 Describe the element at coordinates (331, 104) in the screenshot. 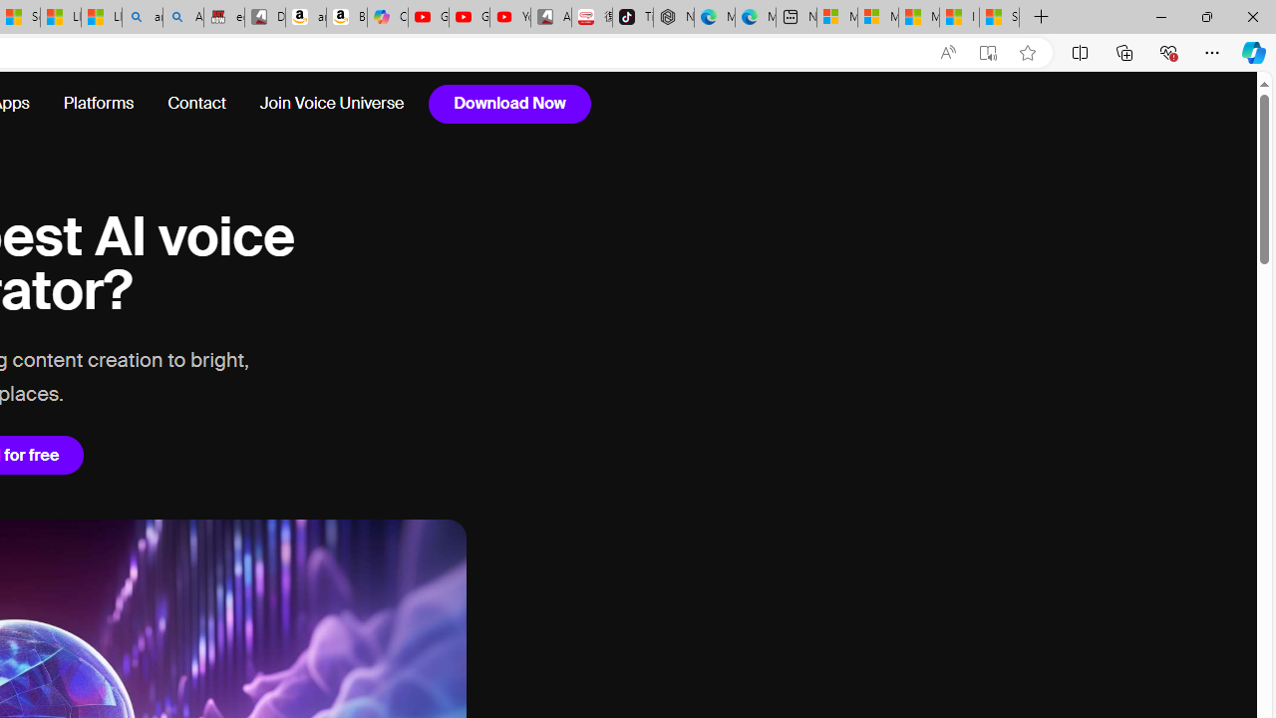

I see `'Join Voice Universe'` at that location.